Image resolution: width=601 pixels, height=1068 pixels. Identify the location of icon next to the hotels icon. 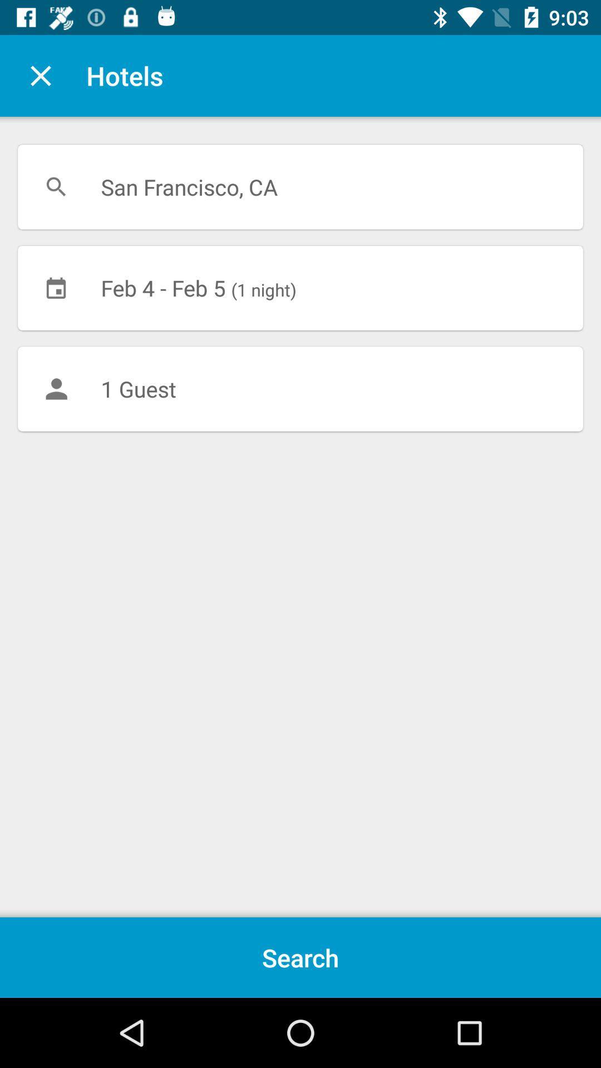
(40, 75).